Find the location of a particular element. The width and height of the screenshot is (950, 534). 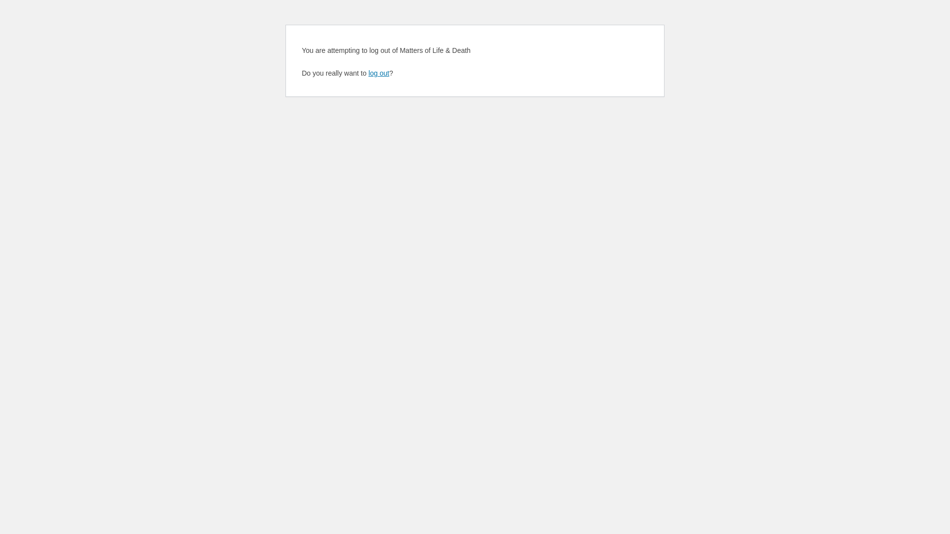

'log out' is located at coordinates (379, 72).